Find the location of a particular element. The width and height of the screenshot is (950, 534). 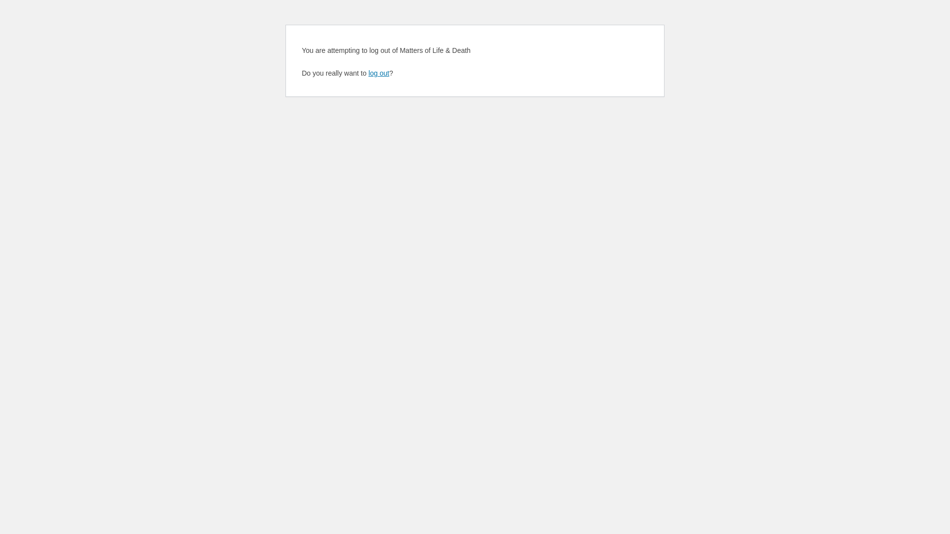

'log out' is located at coordinates (379, 72).